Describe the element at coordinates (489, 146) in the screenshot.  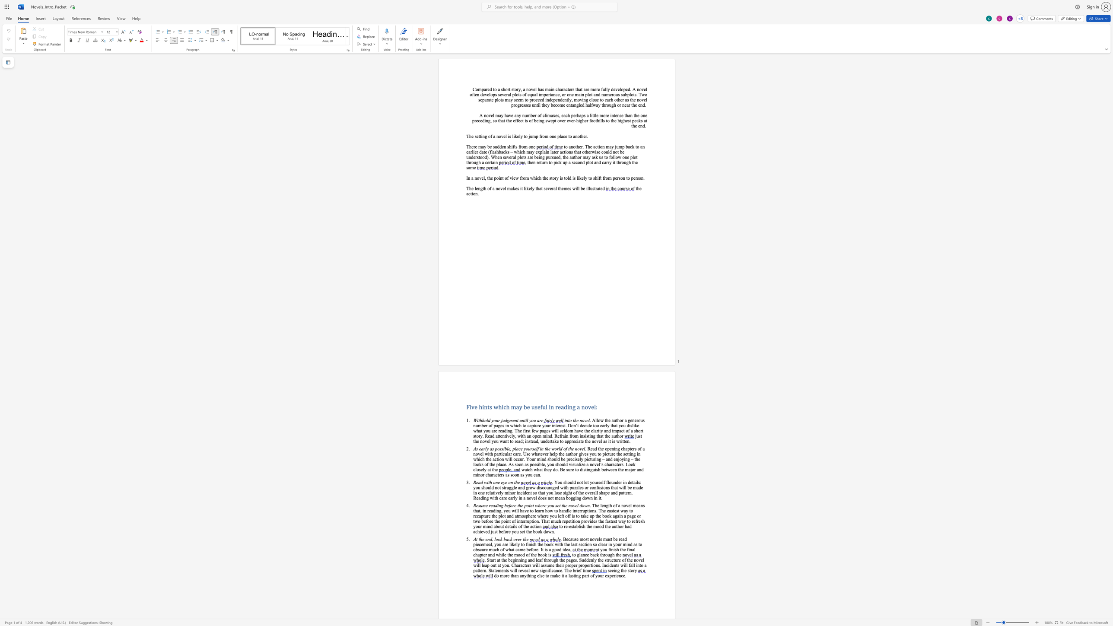
I see `the space between the continuous character "b" and "e" in the text` at that location.